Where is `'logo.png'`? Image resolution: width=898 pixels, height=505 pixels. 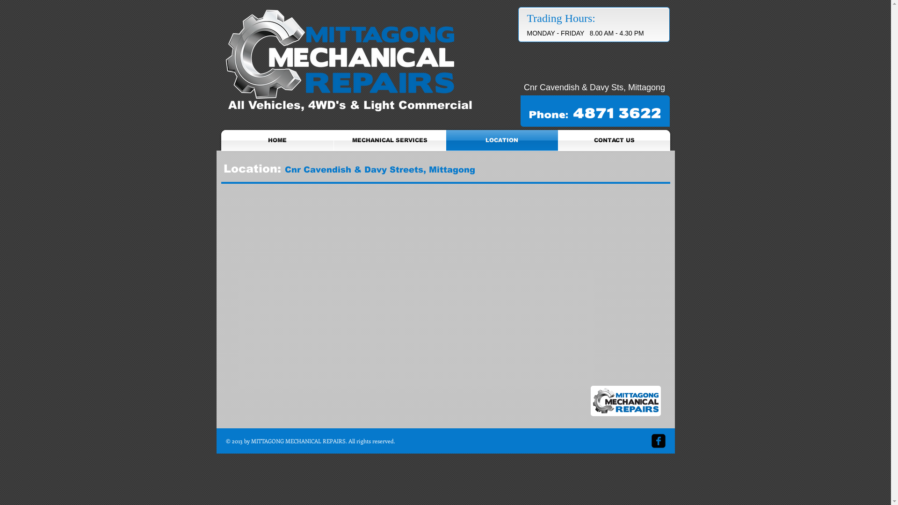 'logo.png' is located at coordinates (625, 400).